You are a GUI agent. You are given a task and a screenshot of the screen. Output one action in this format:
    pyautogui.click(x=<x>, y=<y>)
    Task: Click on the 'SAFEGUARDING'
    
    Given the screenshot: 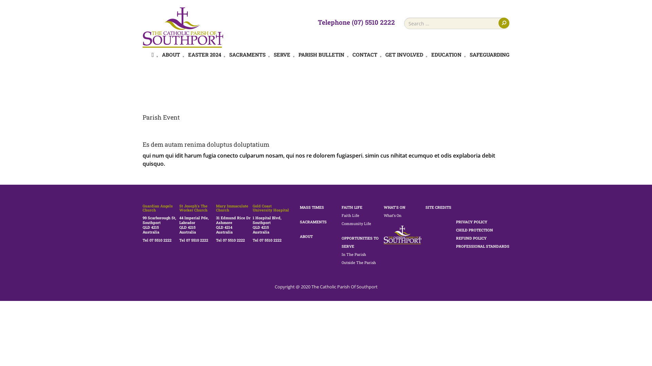 What is the action you would take?
    pyautogui.click(x=469, y=54)
    